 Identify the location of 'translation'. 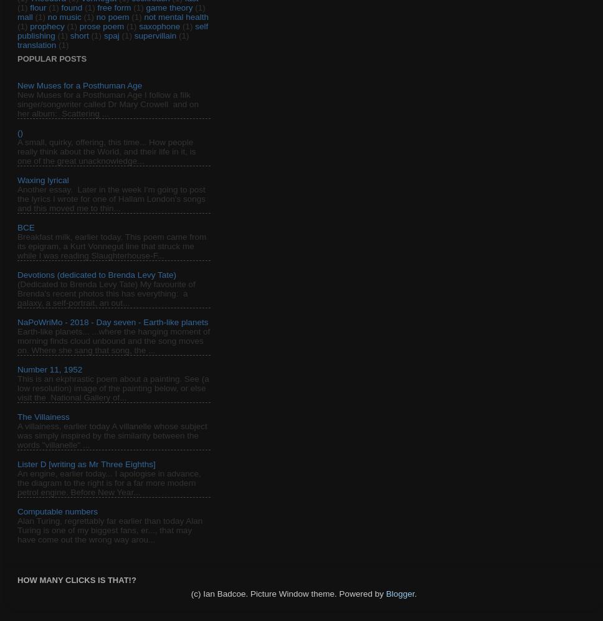
(36, 44).